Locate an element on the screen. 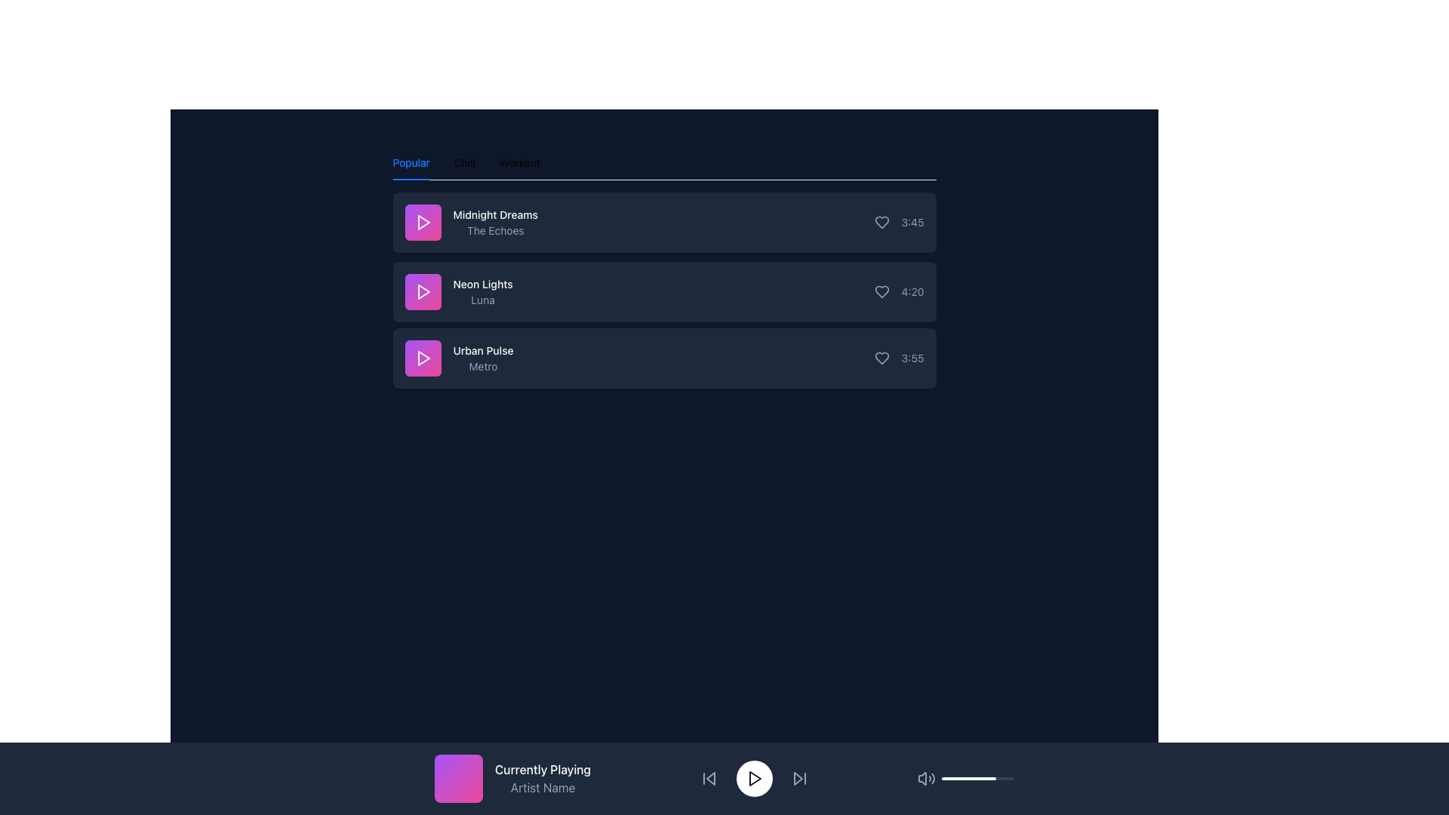 The width and height of the screenshot is (1449, 815). the play button located at the center of the white circular button in the media player's control panel is located at coordinates (755, 779).